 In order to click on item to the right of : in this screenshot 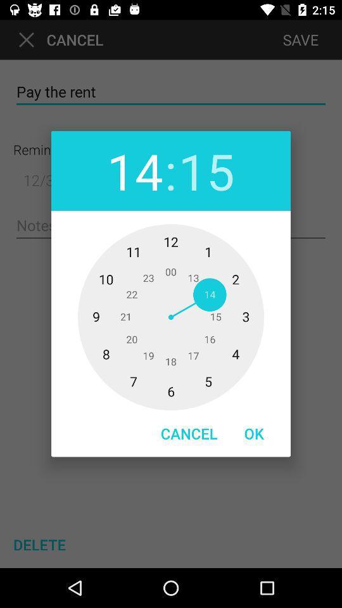, I will do `click(206, 170)`.